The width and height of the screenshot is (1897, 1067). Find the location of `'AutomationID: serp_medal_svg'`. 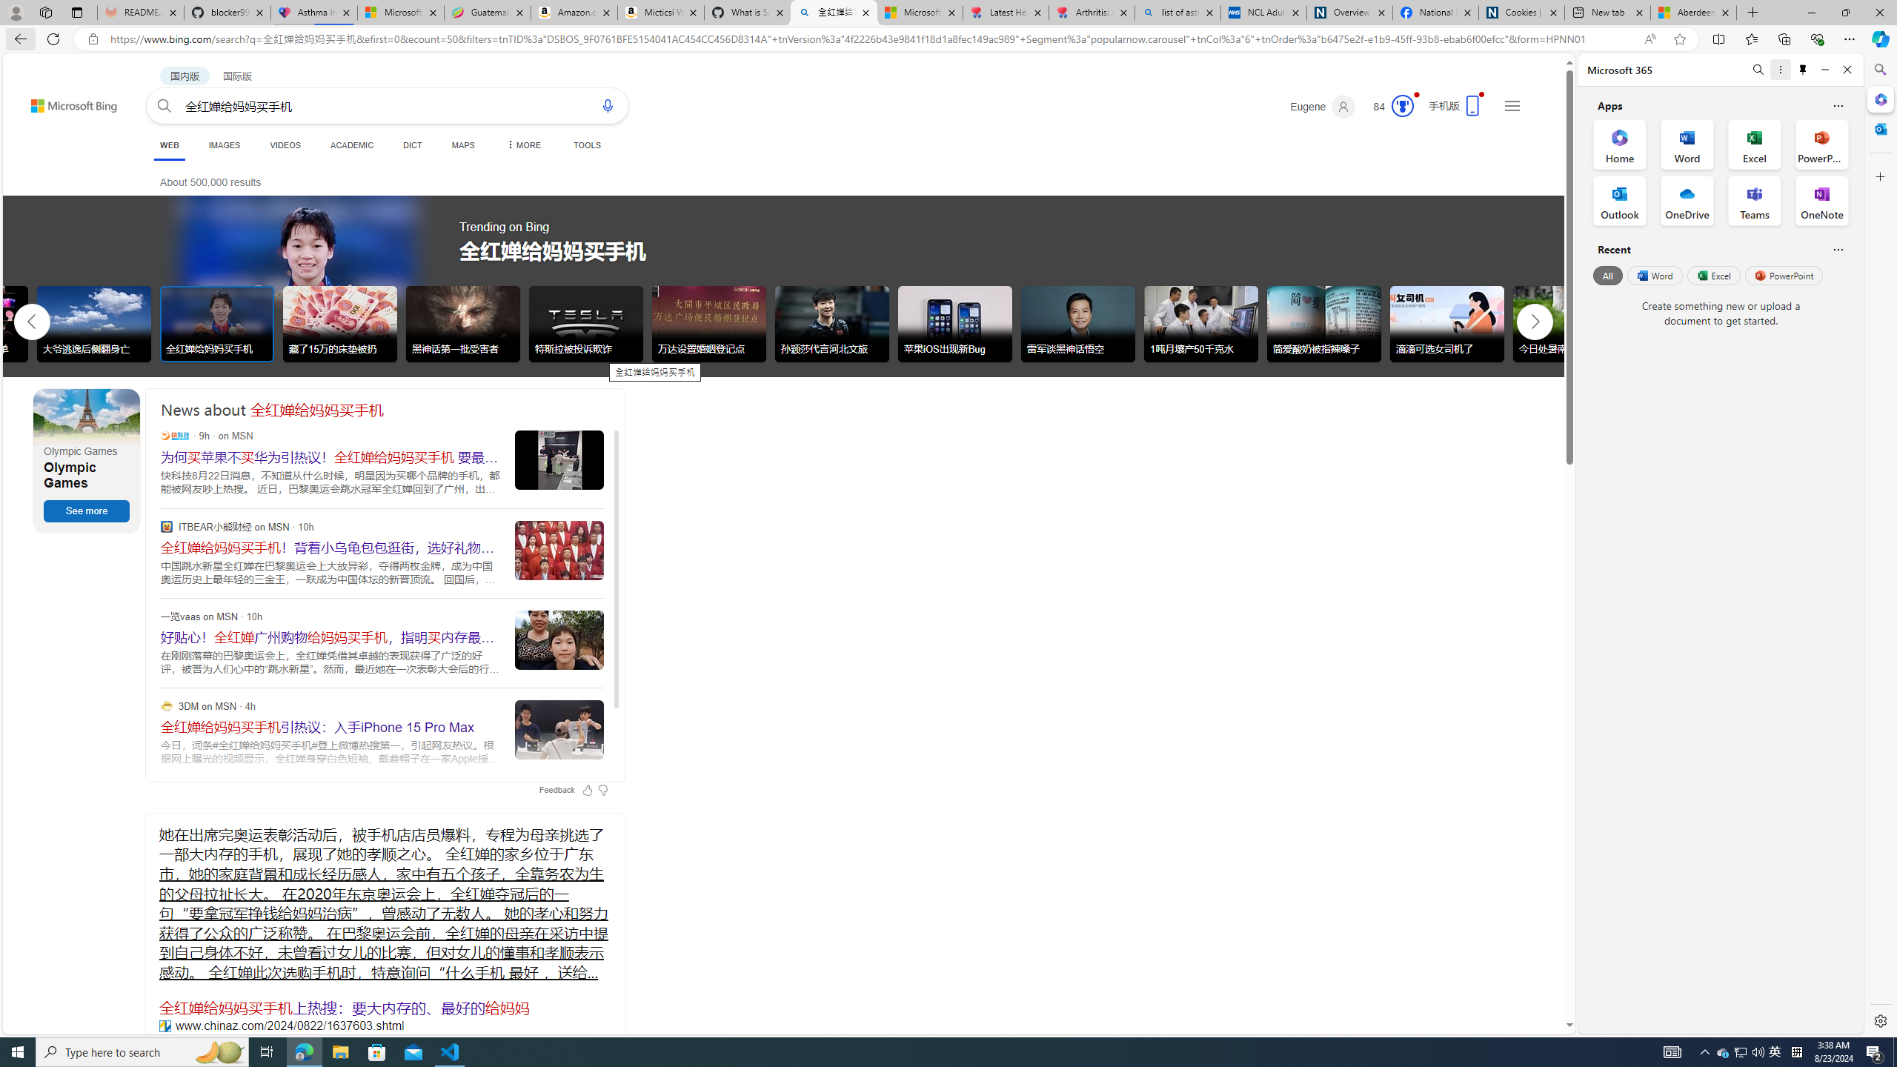

'AutomationID: serp_medal_svg' is located at coordinates (1402, 104).